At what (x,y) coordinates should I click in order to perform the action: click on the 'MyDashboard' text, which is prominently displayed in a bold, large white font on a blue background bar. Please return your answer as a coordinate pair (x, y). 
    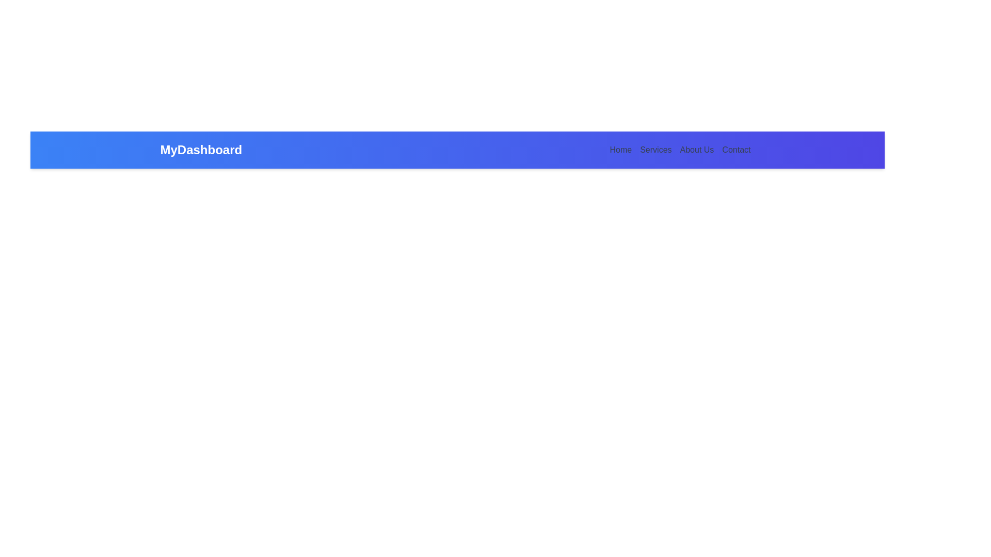
    Looking at the image, I should click on (201, 150).